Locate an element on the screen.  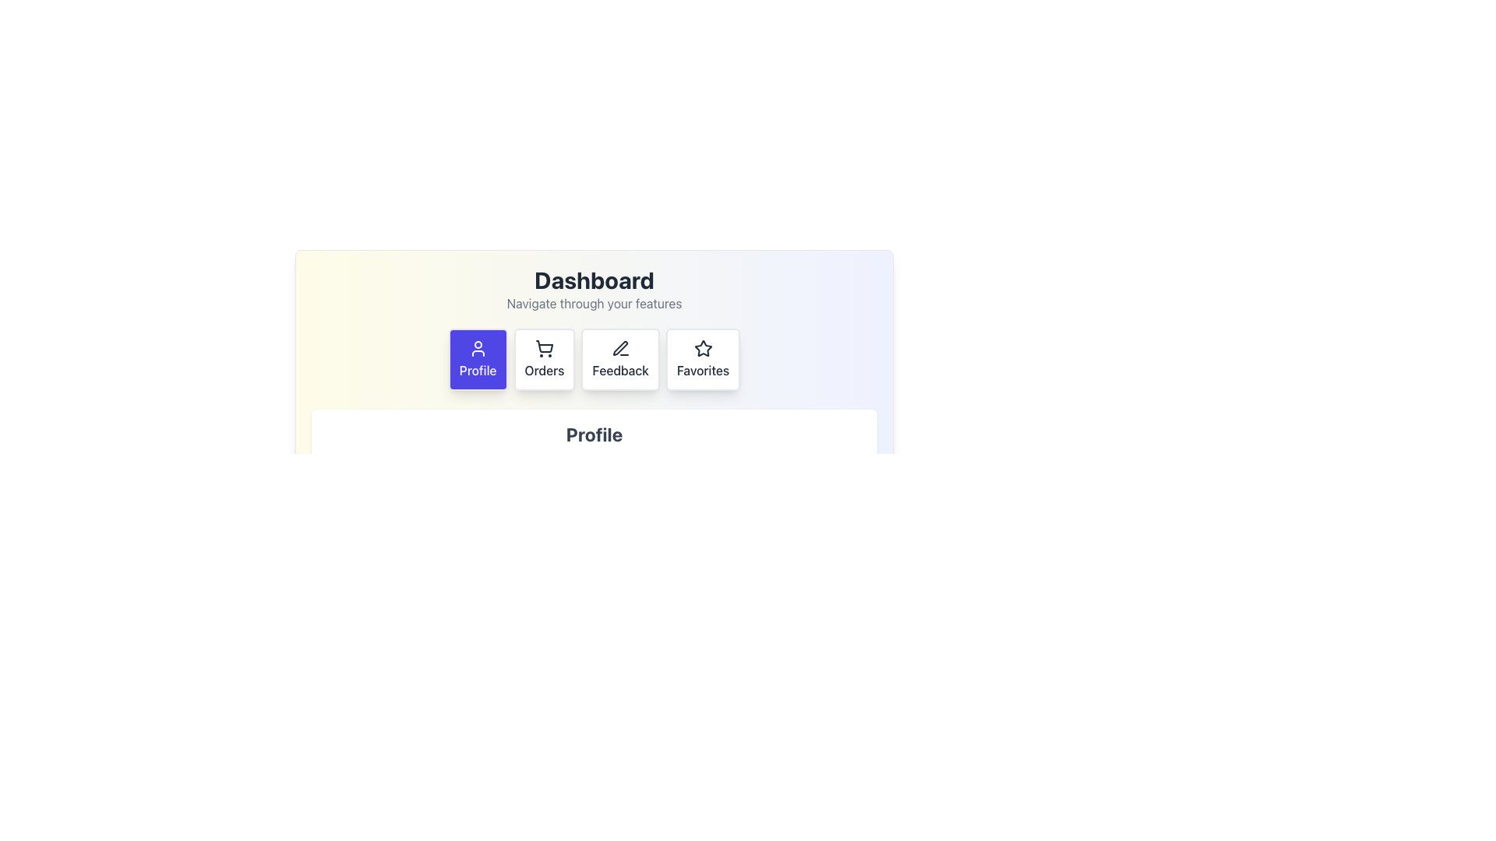
the star icon located within the 'Favorites' section, which is the last icon in a row of four icons beneath the 'Dashboard' title is located at coordinates (702, 347).